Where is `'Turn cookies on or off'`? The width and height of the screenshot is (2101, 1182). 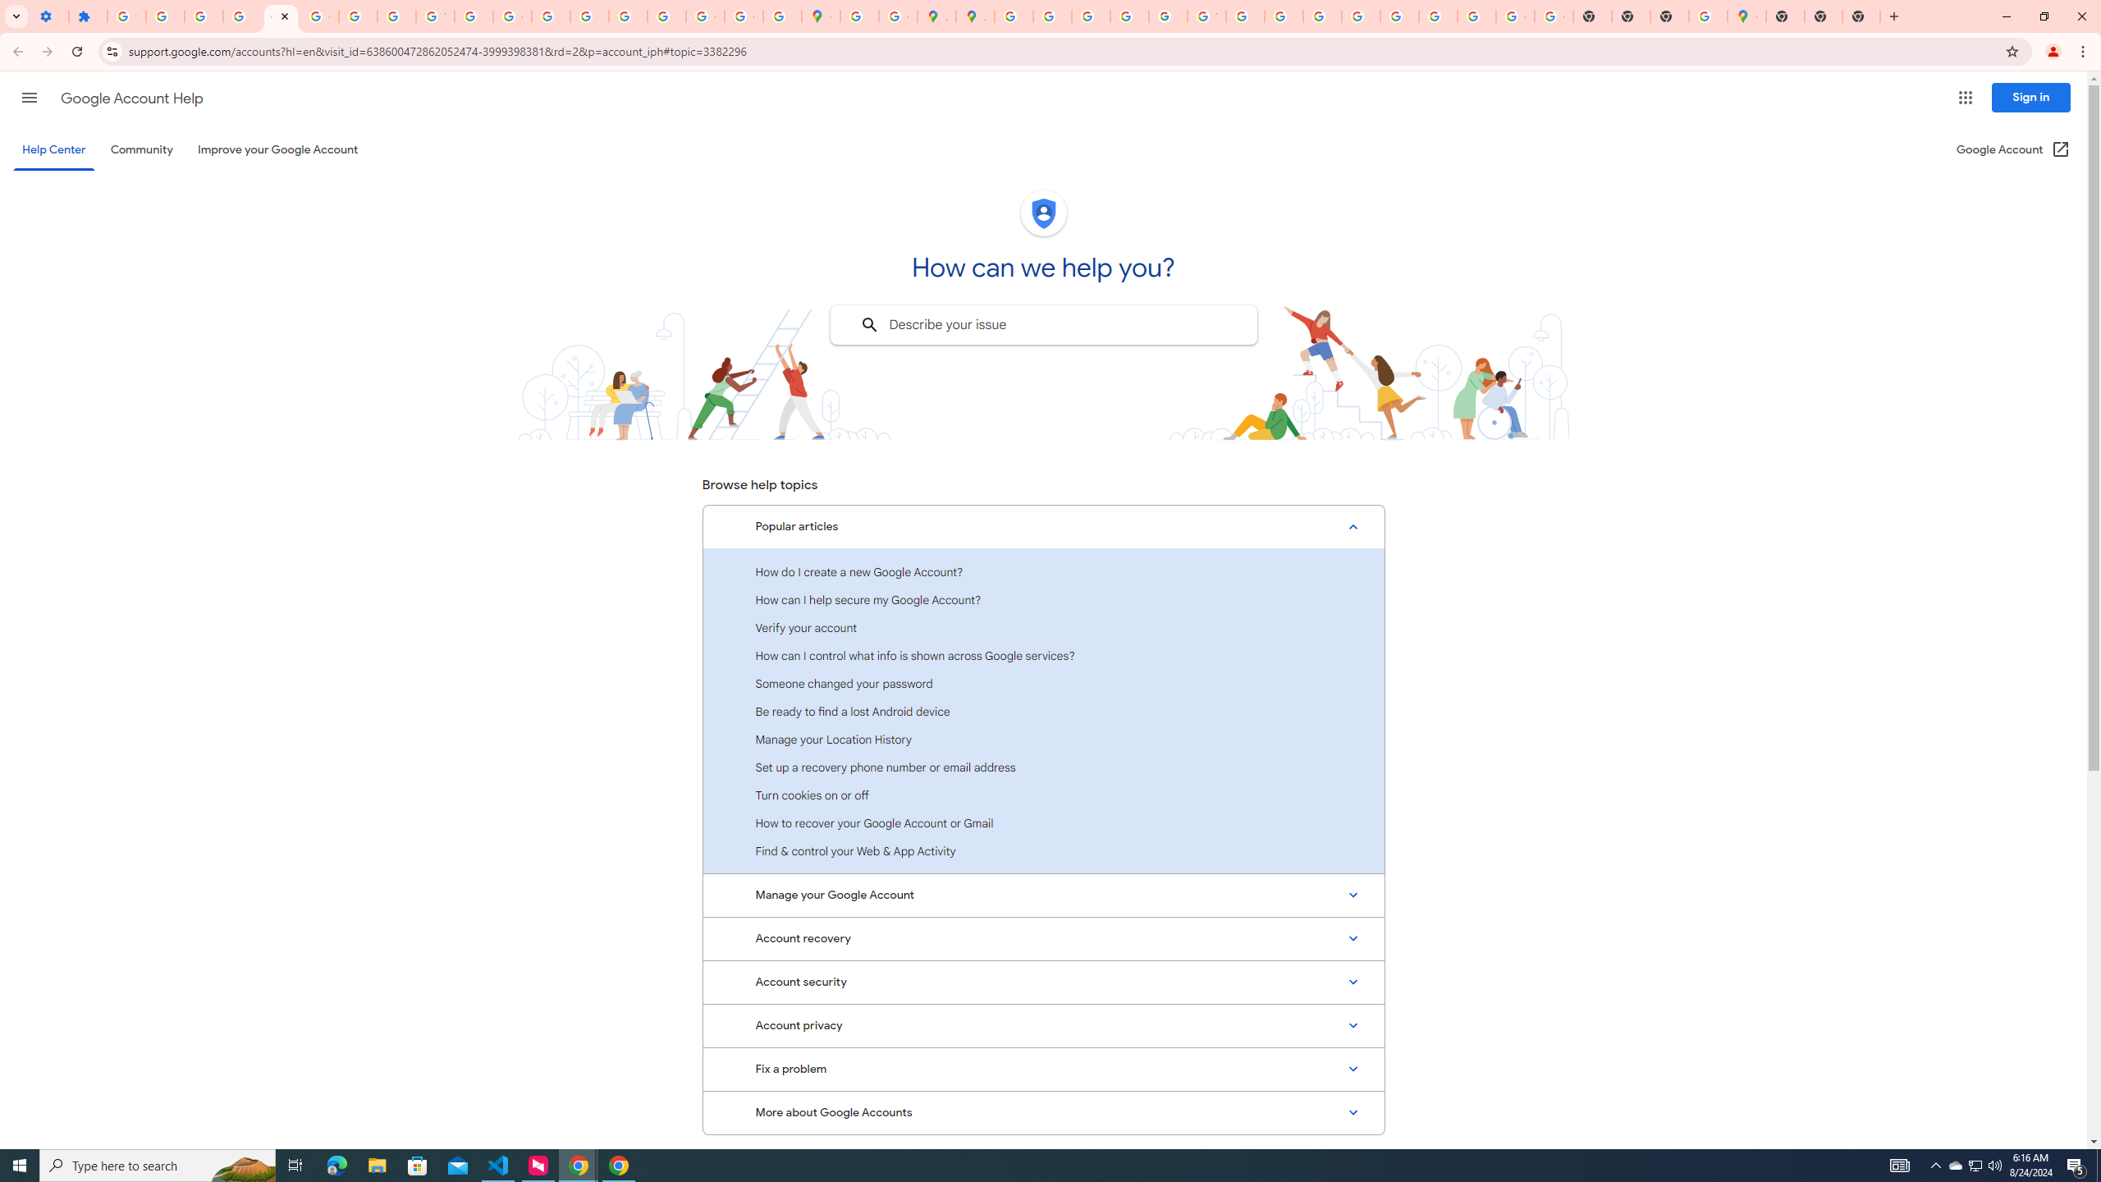
'Turn cookies on or off' is located at coordinates (1043, 795).